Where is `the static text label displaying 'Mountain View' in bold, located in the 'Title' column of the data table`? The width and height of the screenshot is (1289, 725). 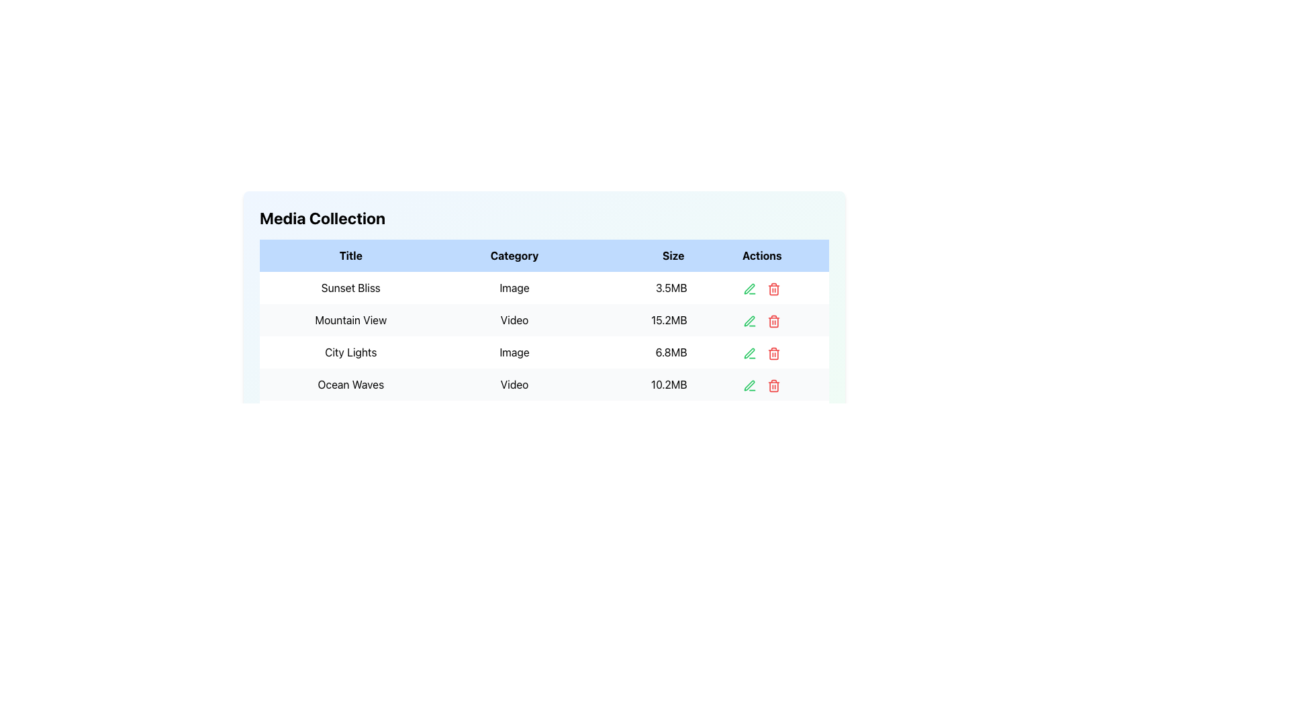 the static text label displaying 'Mountain View' in bold, located in the 'Title' column of the data table is located at coordinates (350, 320).